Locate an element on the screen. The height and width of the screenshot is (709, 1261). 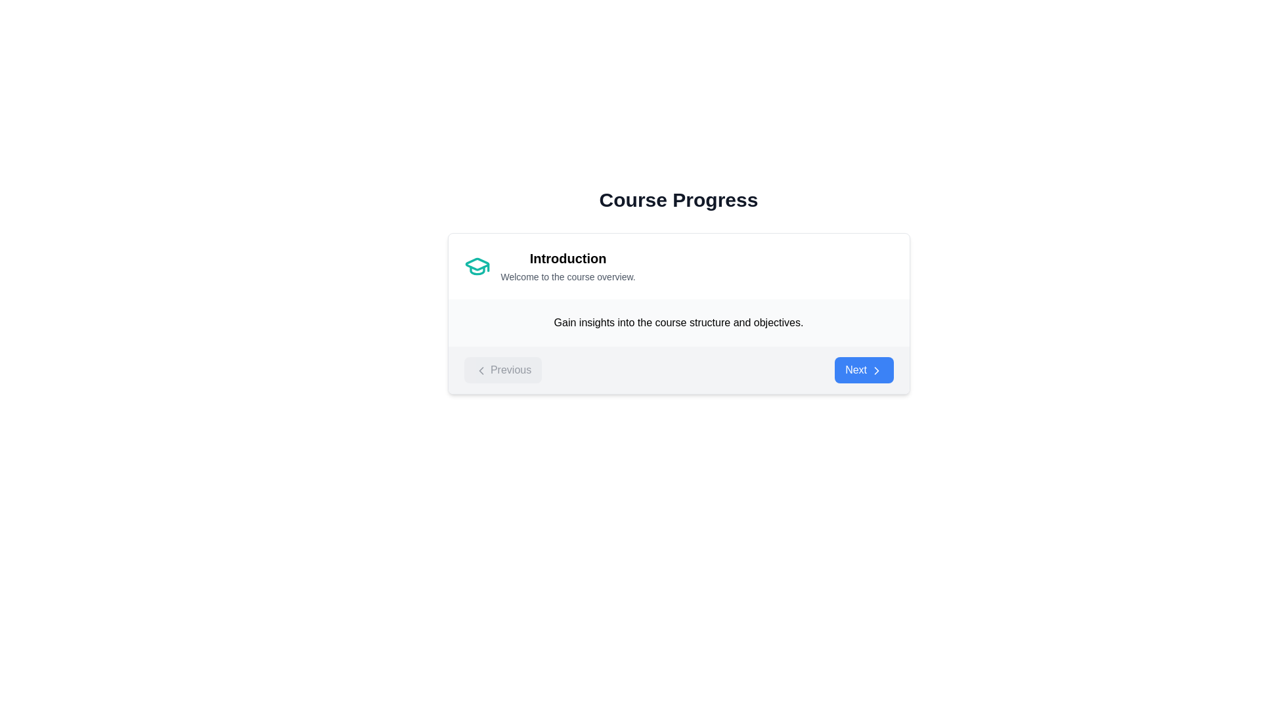
the chevron icon representing the 'Next' button located at the bottom-right corner of the content card is located at coordinates (876, 370).